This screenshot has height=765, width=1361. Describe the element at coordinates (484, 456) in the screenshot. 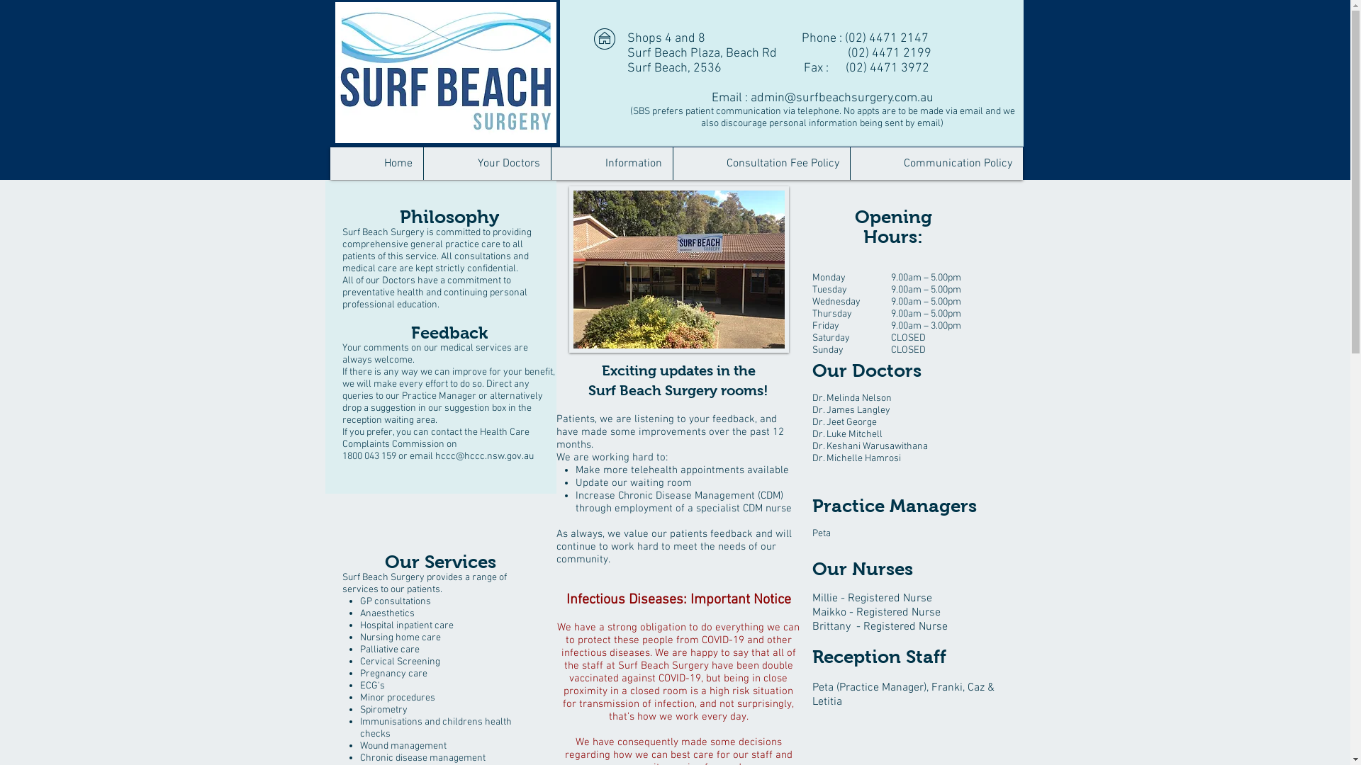

I see `'hccc@hccc.nsw.gov.au'` at that location.